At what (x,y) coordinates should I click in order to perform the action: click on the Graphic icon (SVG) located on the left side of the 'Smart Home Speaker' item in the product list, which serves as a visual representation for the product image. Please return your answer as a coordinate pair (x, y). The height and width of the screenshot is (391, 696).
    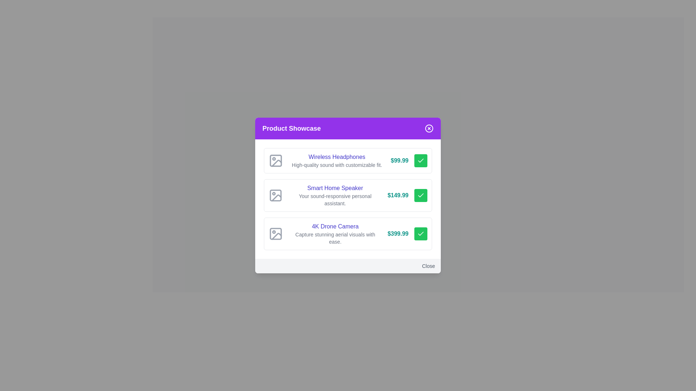
    Looking at the image, I should click on (275, 195).